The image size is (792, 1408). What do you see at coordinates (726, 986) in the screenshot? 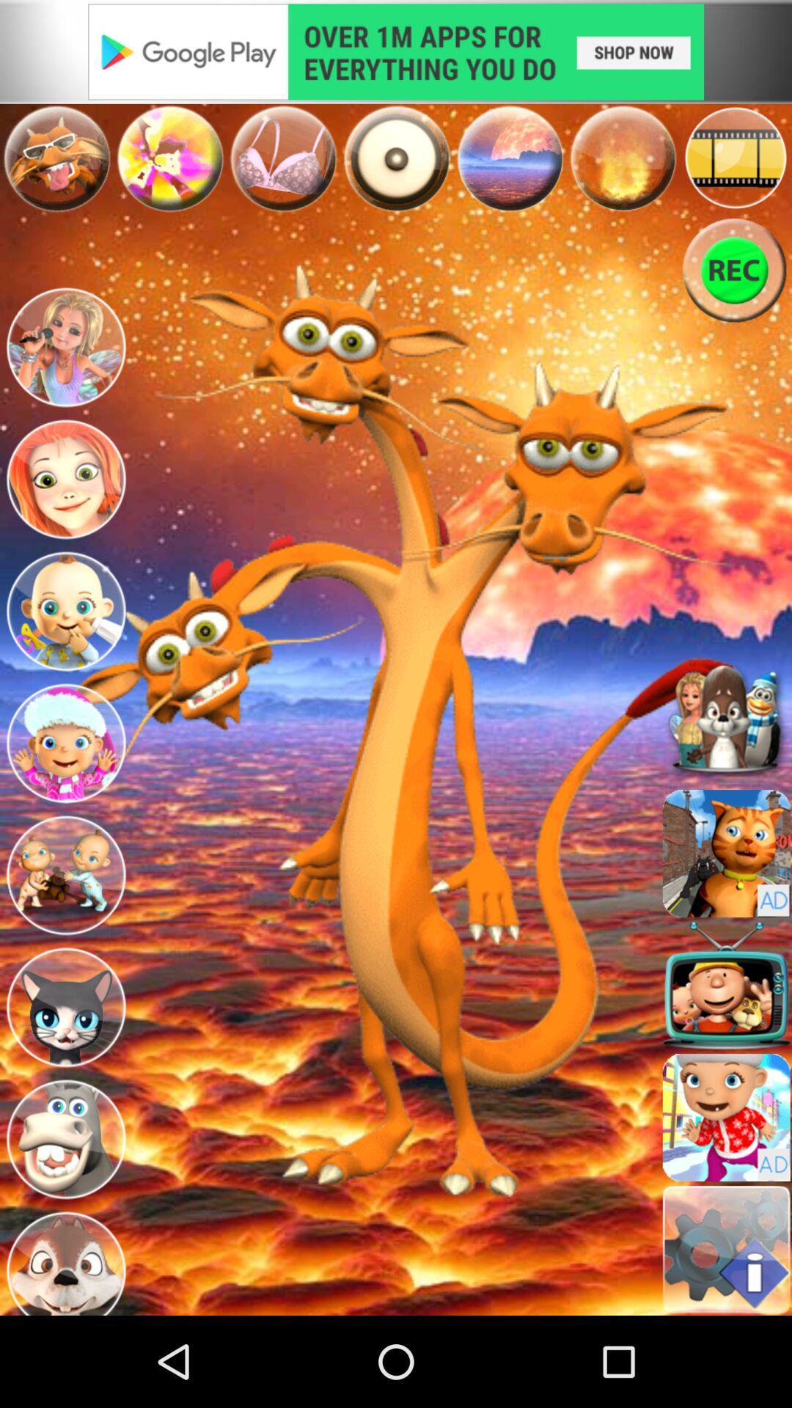
I see `a sound` at bounding box center [726, 986].